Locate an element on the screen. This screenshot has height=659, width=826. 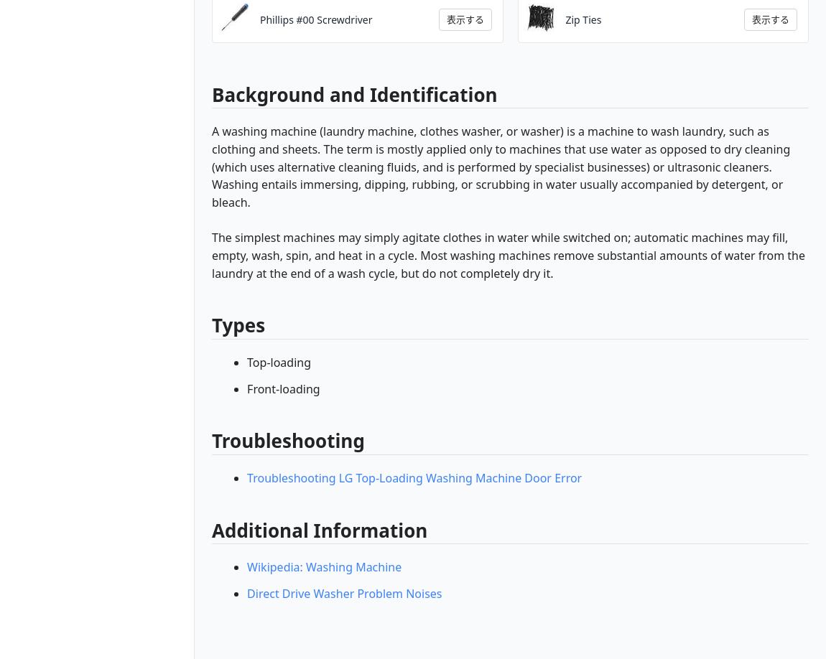
'Additional Information' is located at coordinates (211, 528).